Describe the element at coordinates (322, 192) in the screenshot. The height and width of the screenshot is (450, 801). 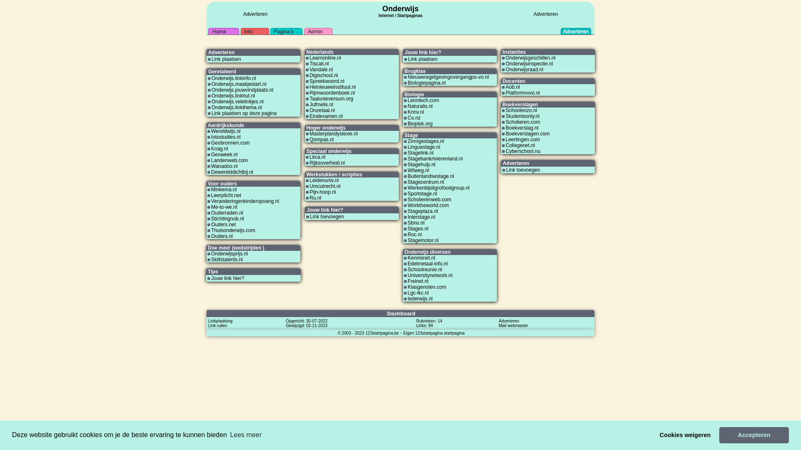
I see `'Pijn-hoop.nl'` at that location.